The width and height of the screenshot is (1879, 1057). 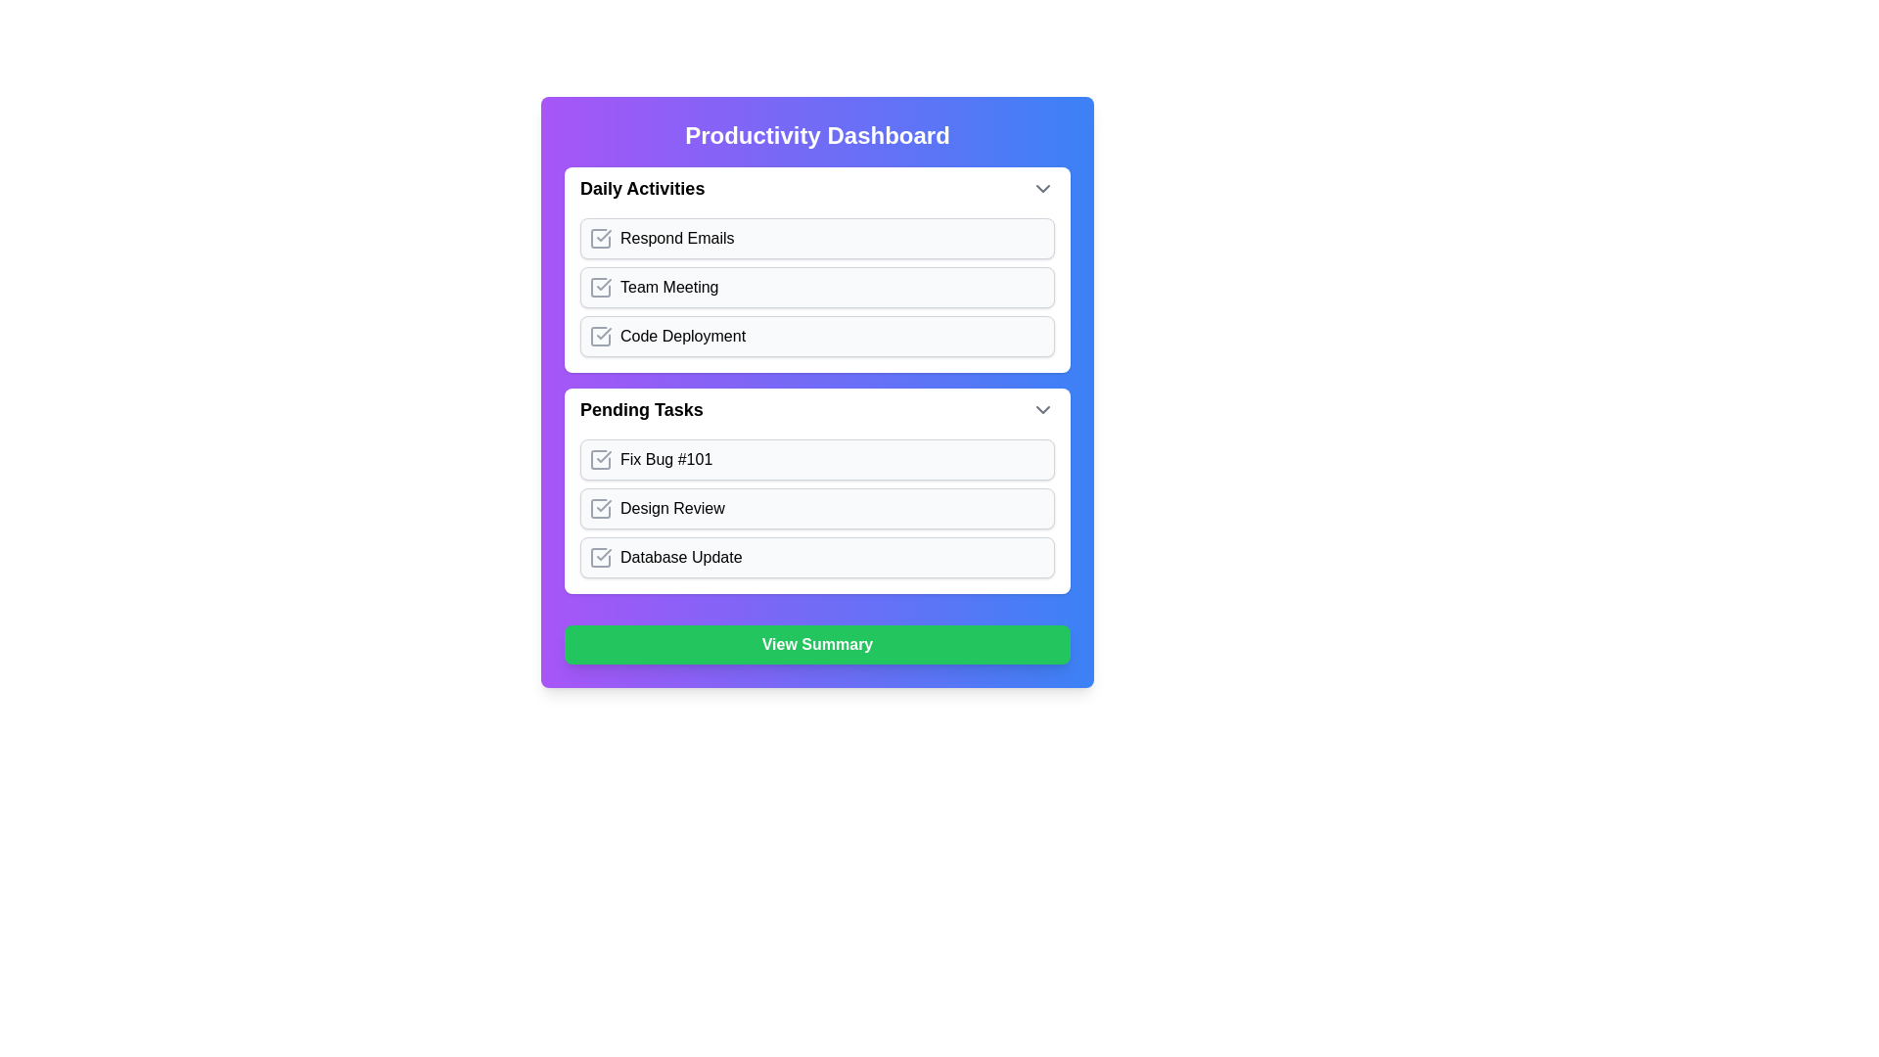 What do you see at coordinates (600, 287) in the screenshot?
I see `the graphical icon within the checkbox component for the 'Team Meeting' item in the 'Daily Activities' section` at bounding box center [600, 287].